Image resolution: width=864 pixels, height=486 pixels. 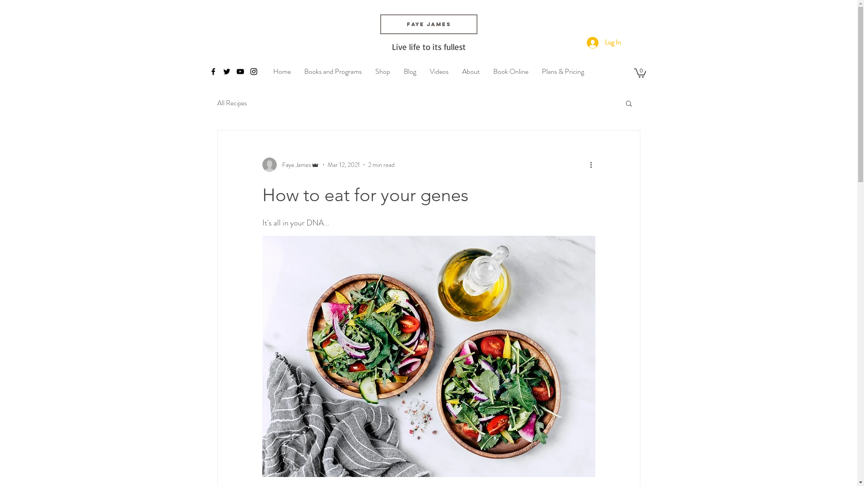 I want to click on 'Books and Programs', so click(x=332, y=71).